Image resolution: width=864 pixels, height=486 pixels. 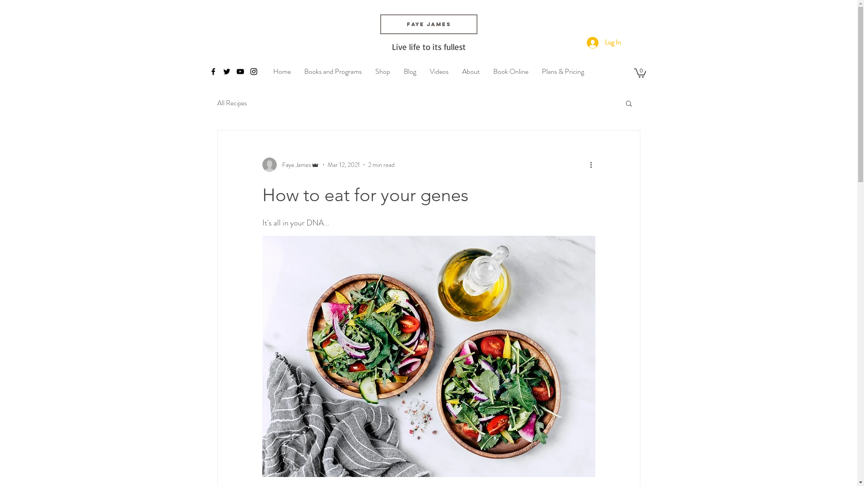 I want to click on 'Books and Programs', so click(x=332, y=71).